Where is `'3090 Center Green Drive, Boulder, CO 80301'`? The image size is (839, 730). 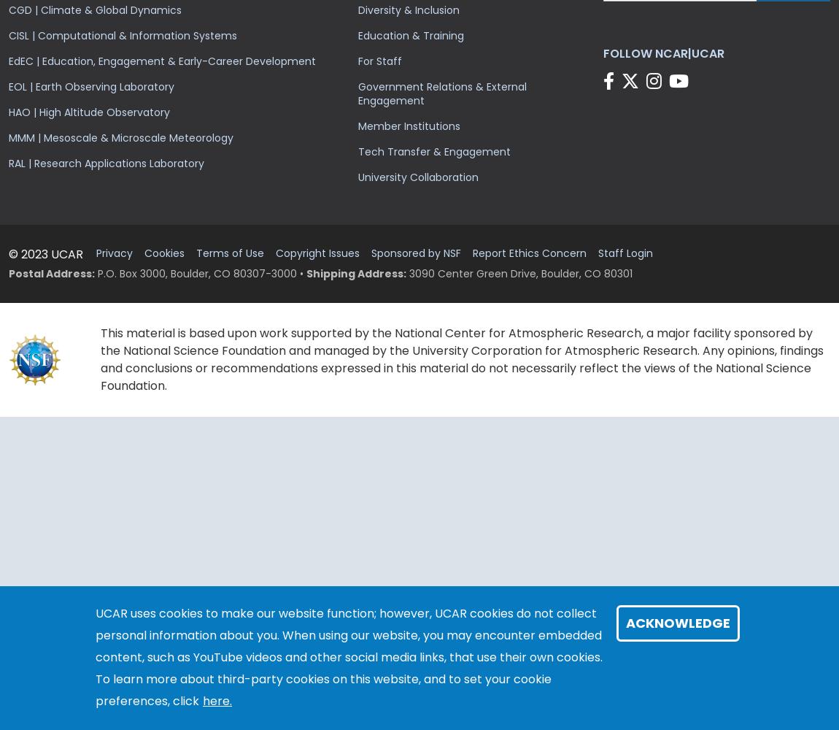 '3090 Center Green Drive, Boulder, CO 80301' is located at coordinates (520, 274).